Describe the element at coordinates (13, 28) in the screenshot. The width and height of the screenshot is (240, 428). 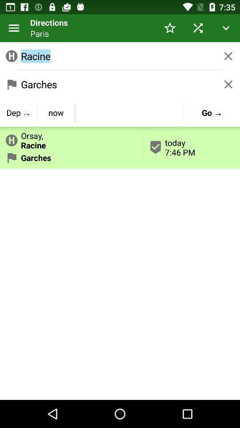
I see `the item above racine` at that location.